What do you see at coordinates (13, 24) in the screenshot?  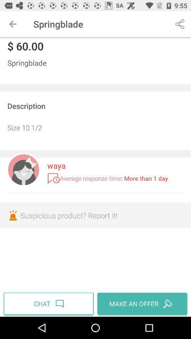 I see `icon above $ 60.00 icon` at bounding box center [13, 24].